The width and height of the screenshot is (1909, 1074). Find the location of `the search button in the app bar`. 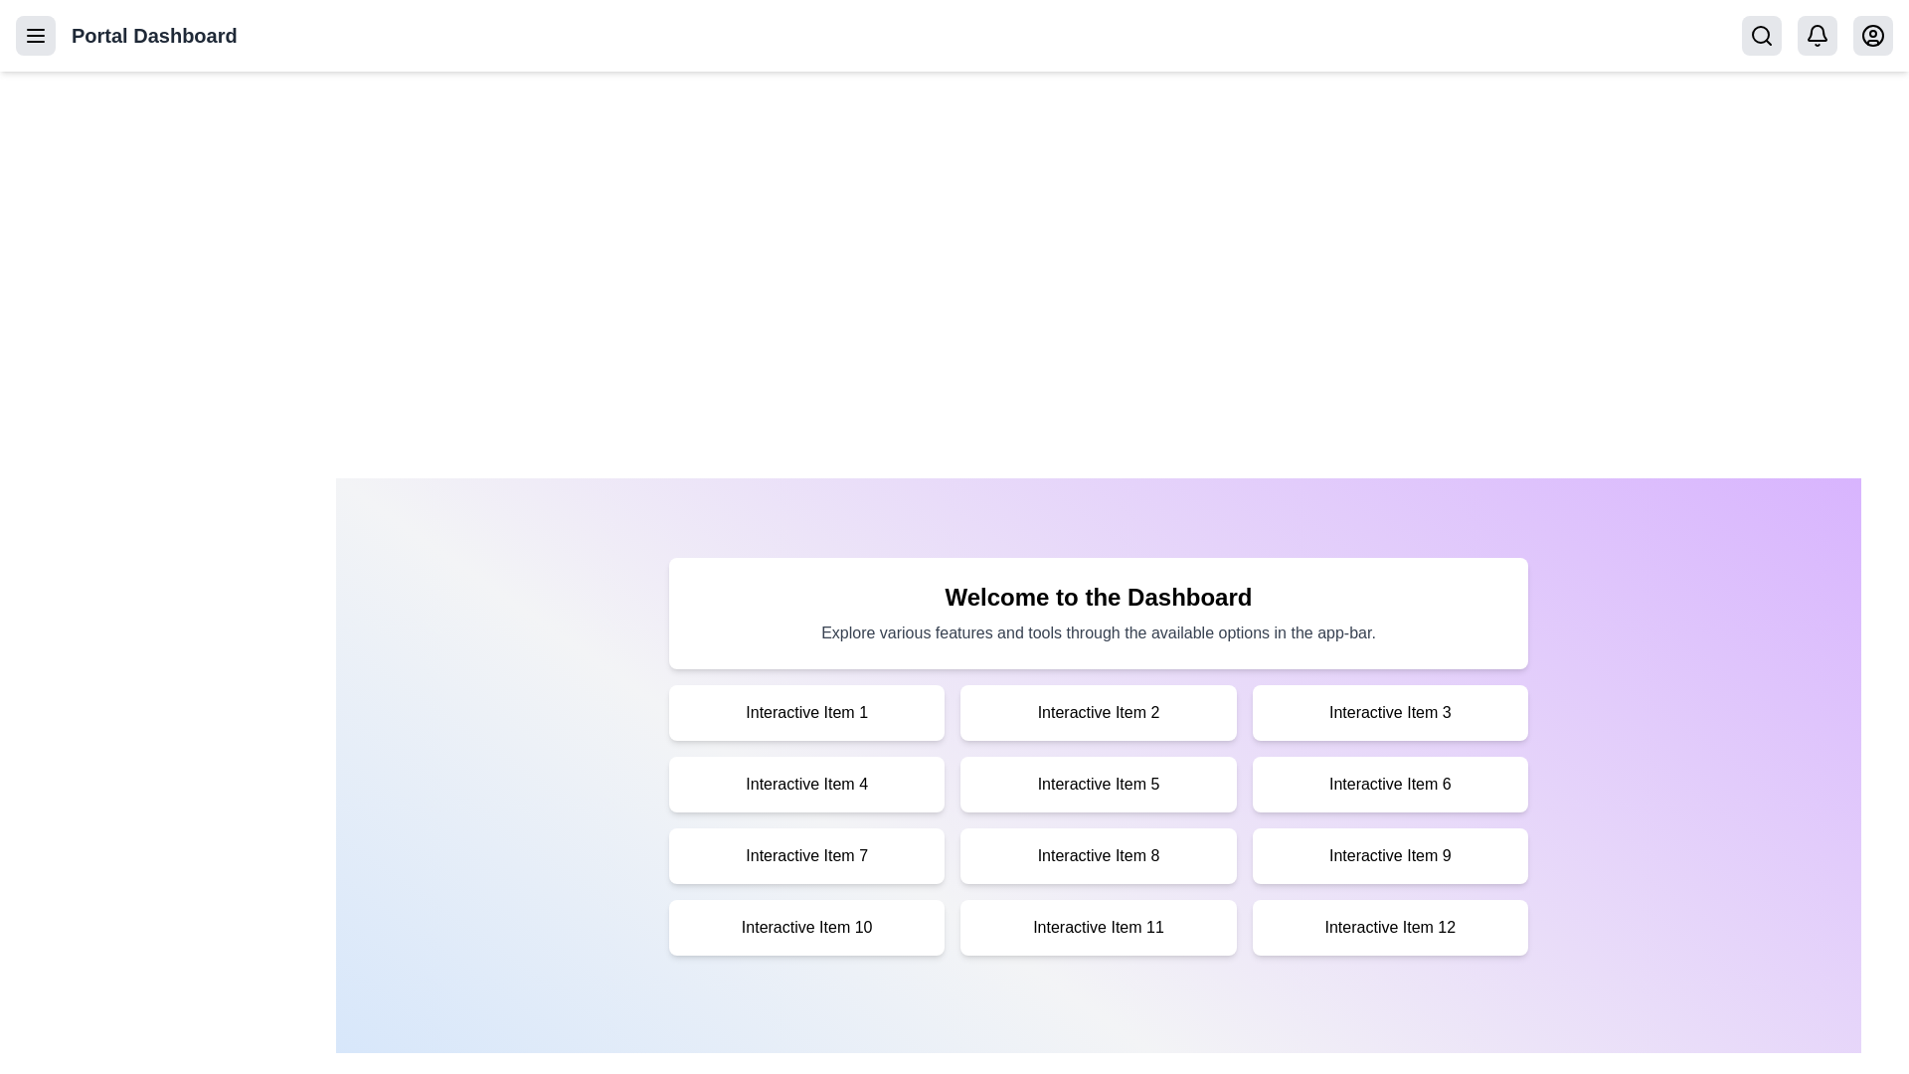

the search button in the app bar is located at coordinates (1761, 35).